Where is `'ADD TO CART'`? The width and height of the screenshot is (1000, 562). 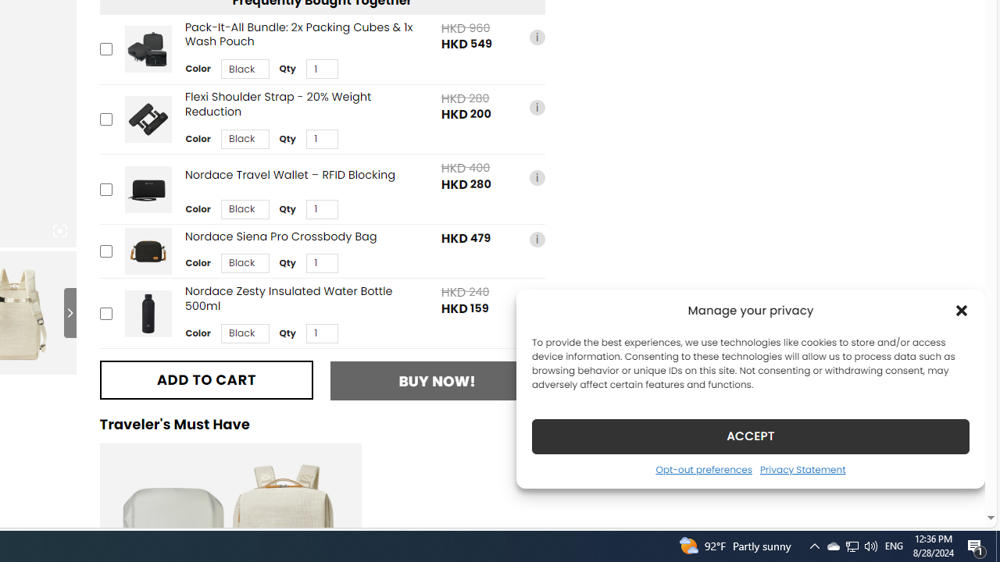
'ADD TO CART' is located at coordinates (205, 379).